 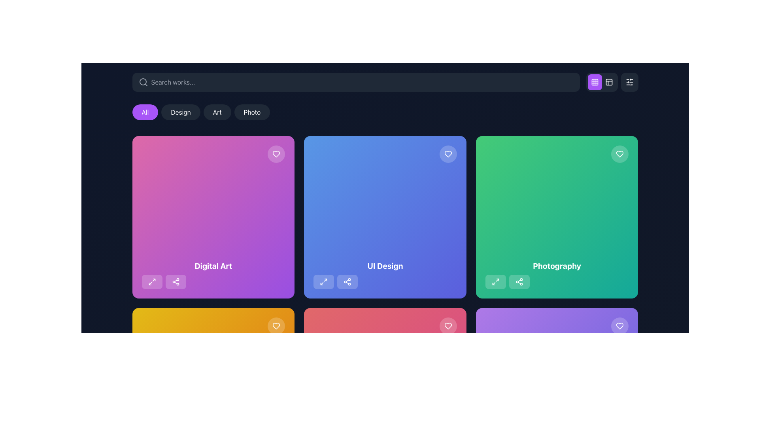 I want to click on the rounded button labeled 'Photo' with a dark gray background, so click(x=252, y=112).